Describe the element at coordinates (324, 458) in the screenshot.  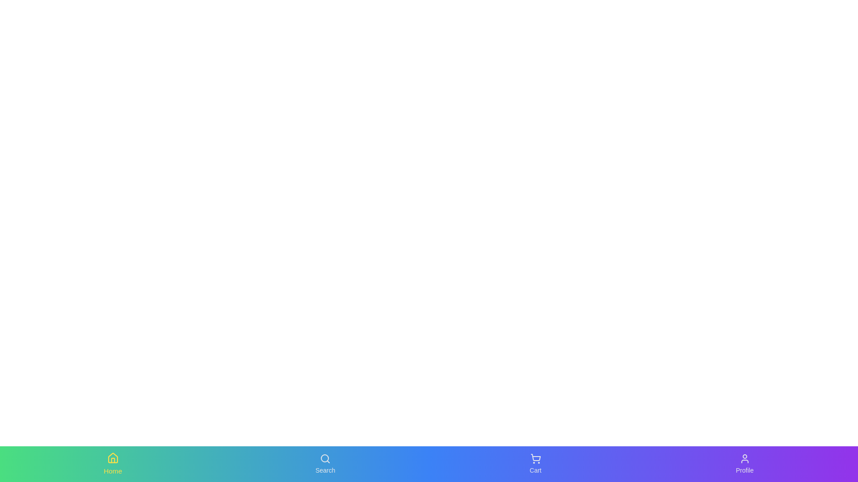
I see `the graphical representation of the search icon located at the center-right of the bottom navigation bar, which symbolizes the application’s search functionality` at that location.